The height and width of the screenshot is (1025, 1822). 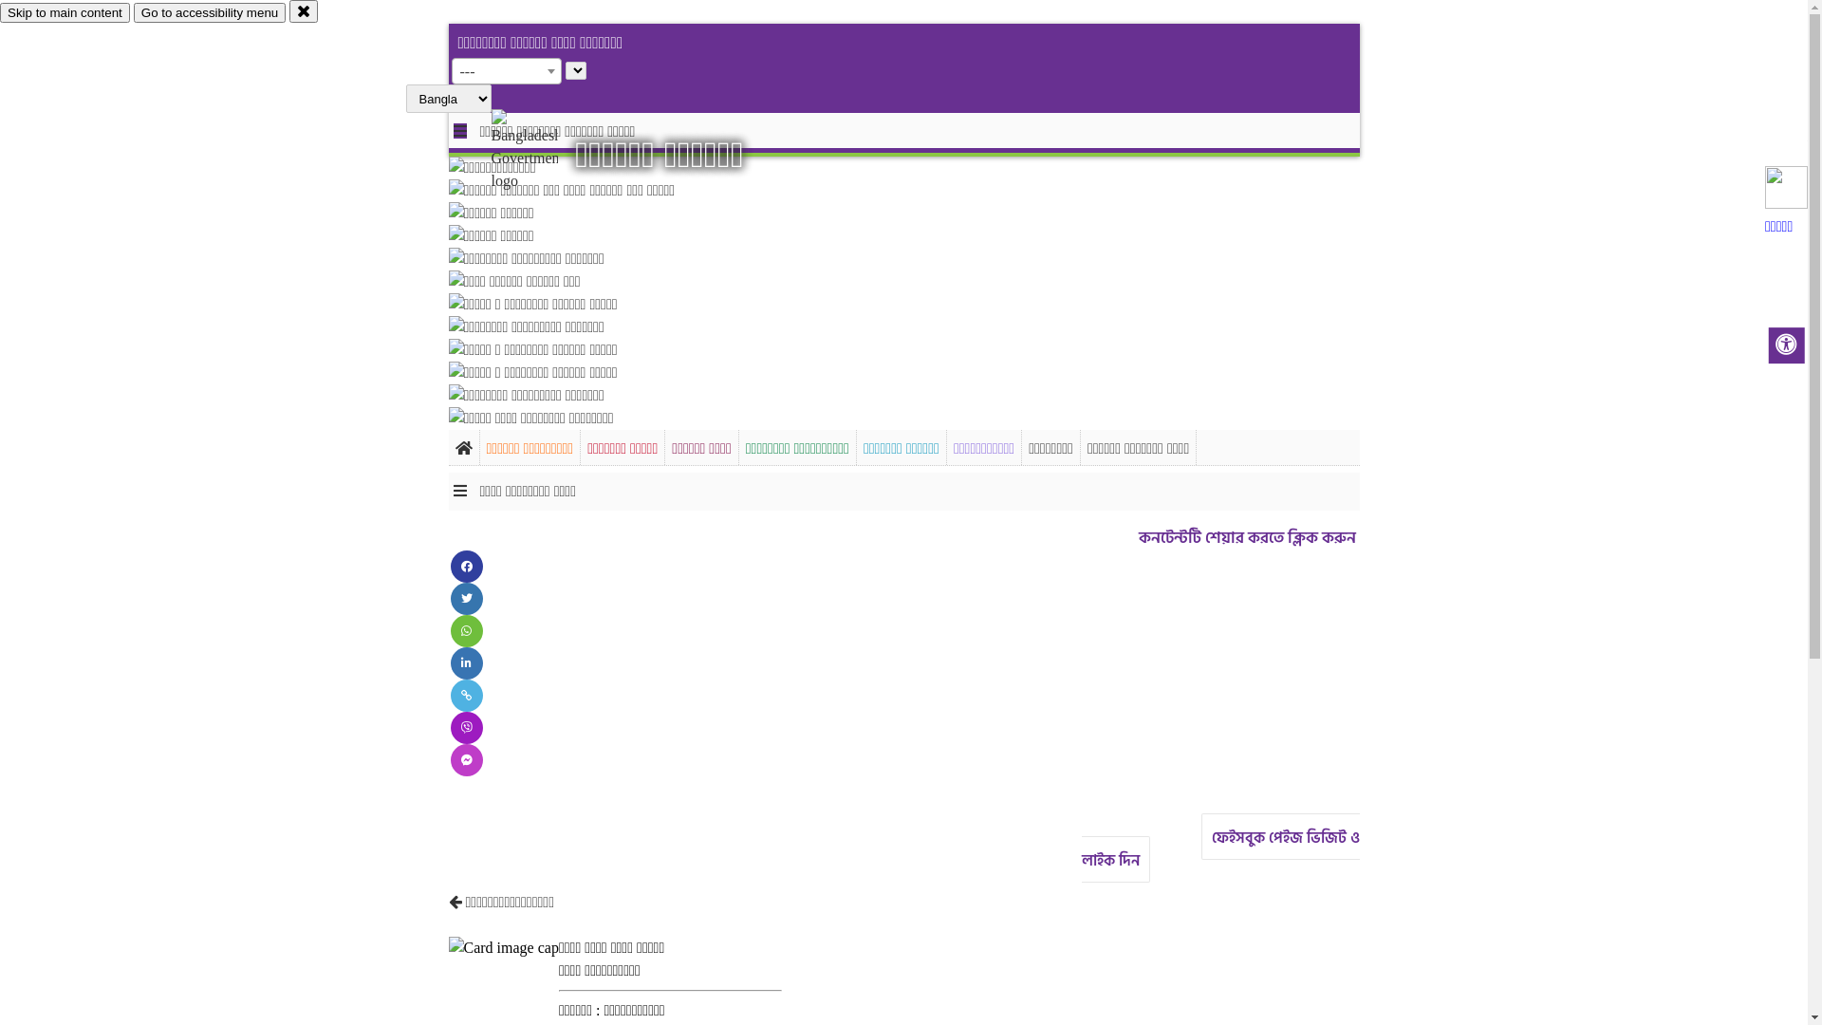 What do you see at coordinates (209, 12) in the screenshot?
I see `'Go to accessibility menu'` at bounding box center [209, 12].